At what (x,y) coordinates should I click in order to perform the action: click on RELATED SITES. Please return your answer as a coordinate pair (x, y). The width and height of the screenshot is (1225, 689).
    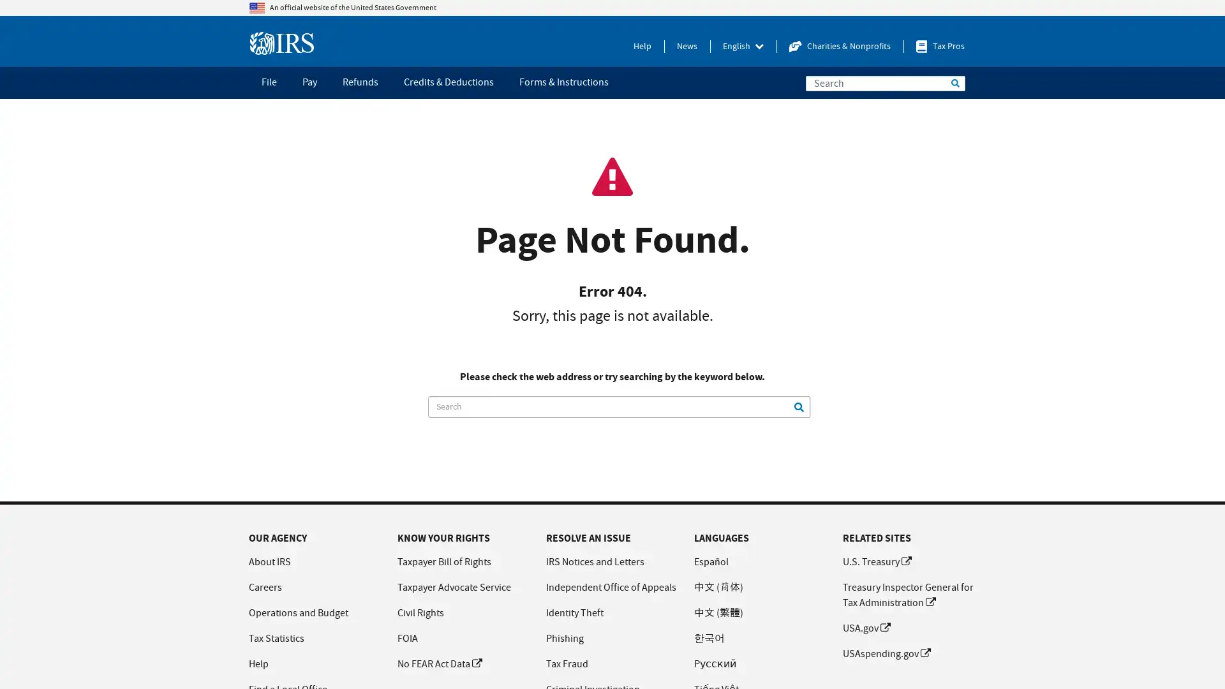
    Looking at the image, I should click on (876, 538).